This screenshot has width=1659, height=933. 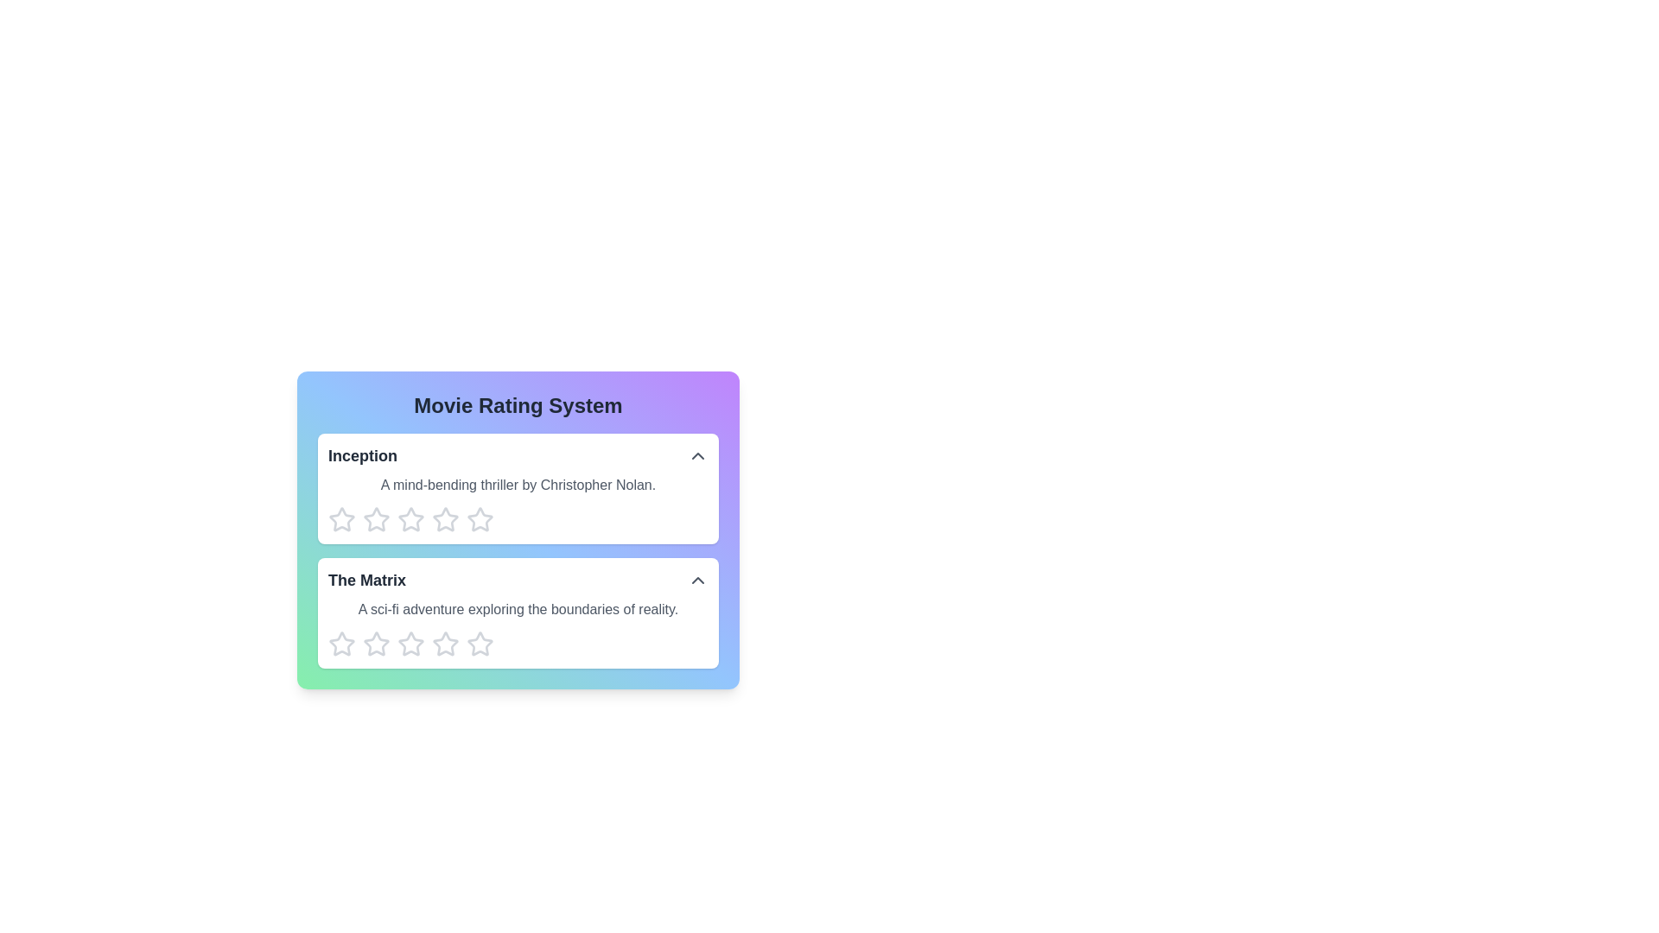 I want to click on static text element located below the title 'The Matrix' in the movie rating system interface, so click(x=518, y=608).